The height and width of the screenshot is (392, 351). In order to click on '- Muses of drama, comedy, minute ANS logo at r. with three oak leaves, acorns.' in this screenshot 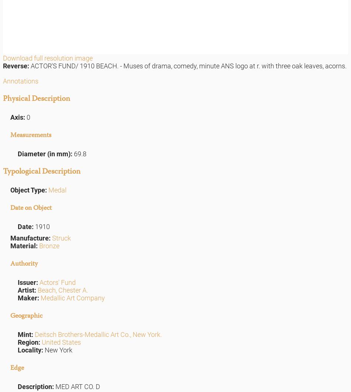, I will do `click(232, 65)`.